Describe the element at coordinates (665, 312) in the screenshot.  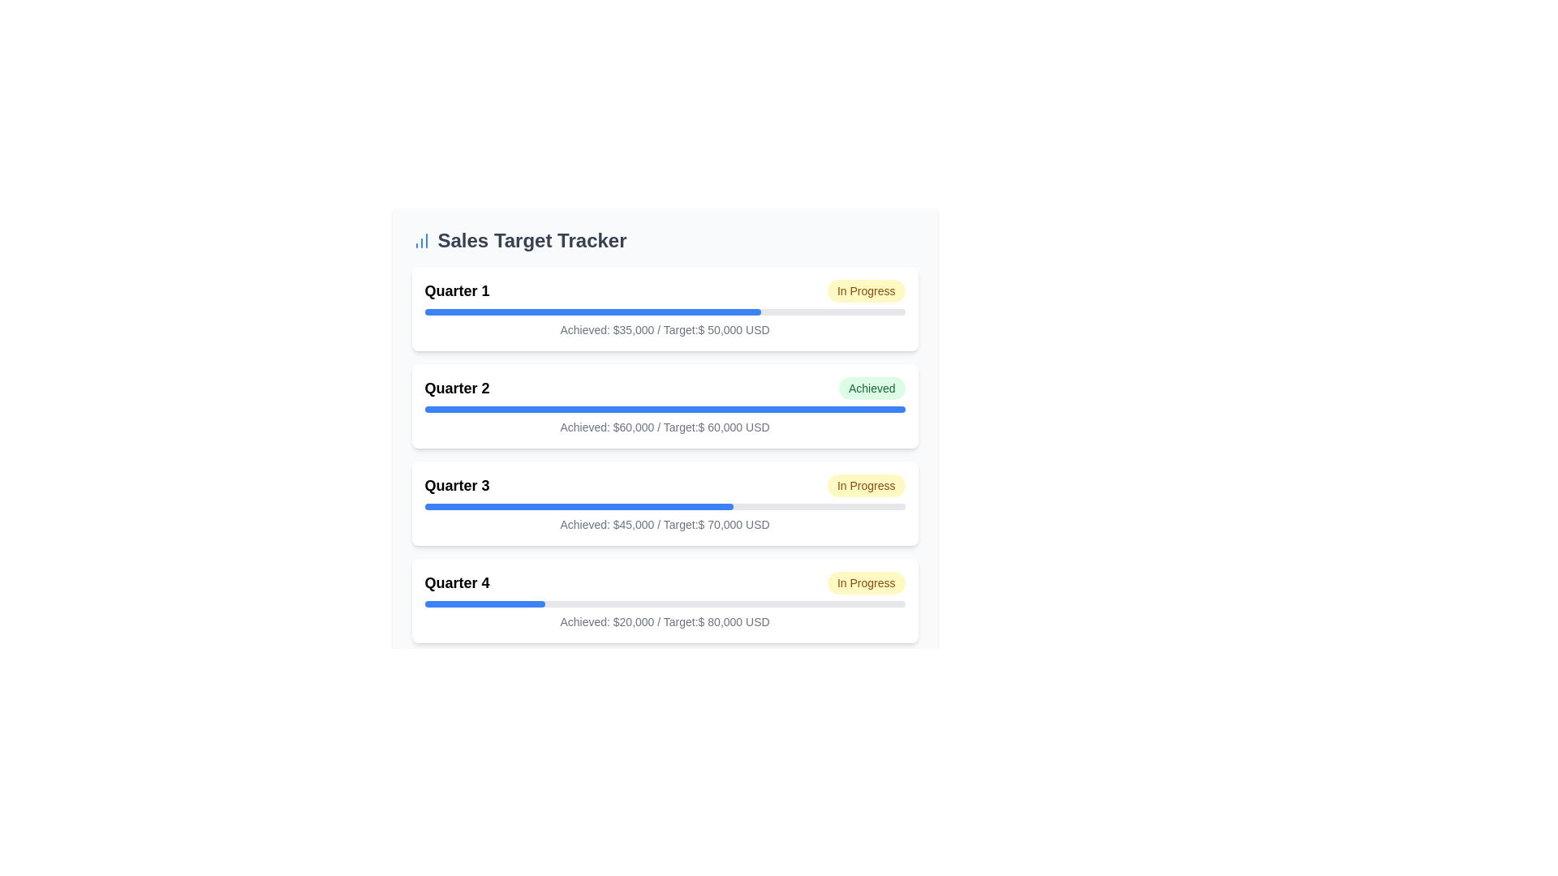
I see `the progress bar located in the middle section of the 'Quarter 1' card, which indicates 70% completion and is situated below the 'Quarter 1' title and 'In Progress' badge` at that location.